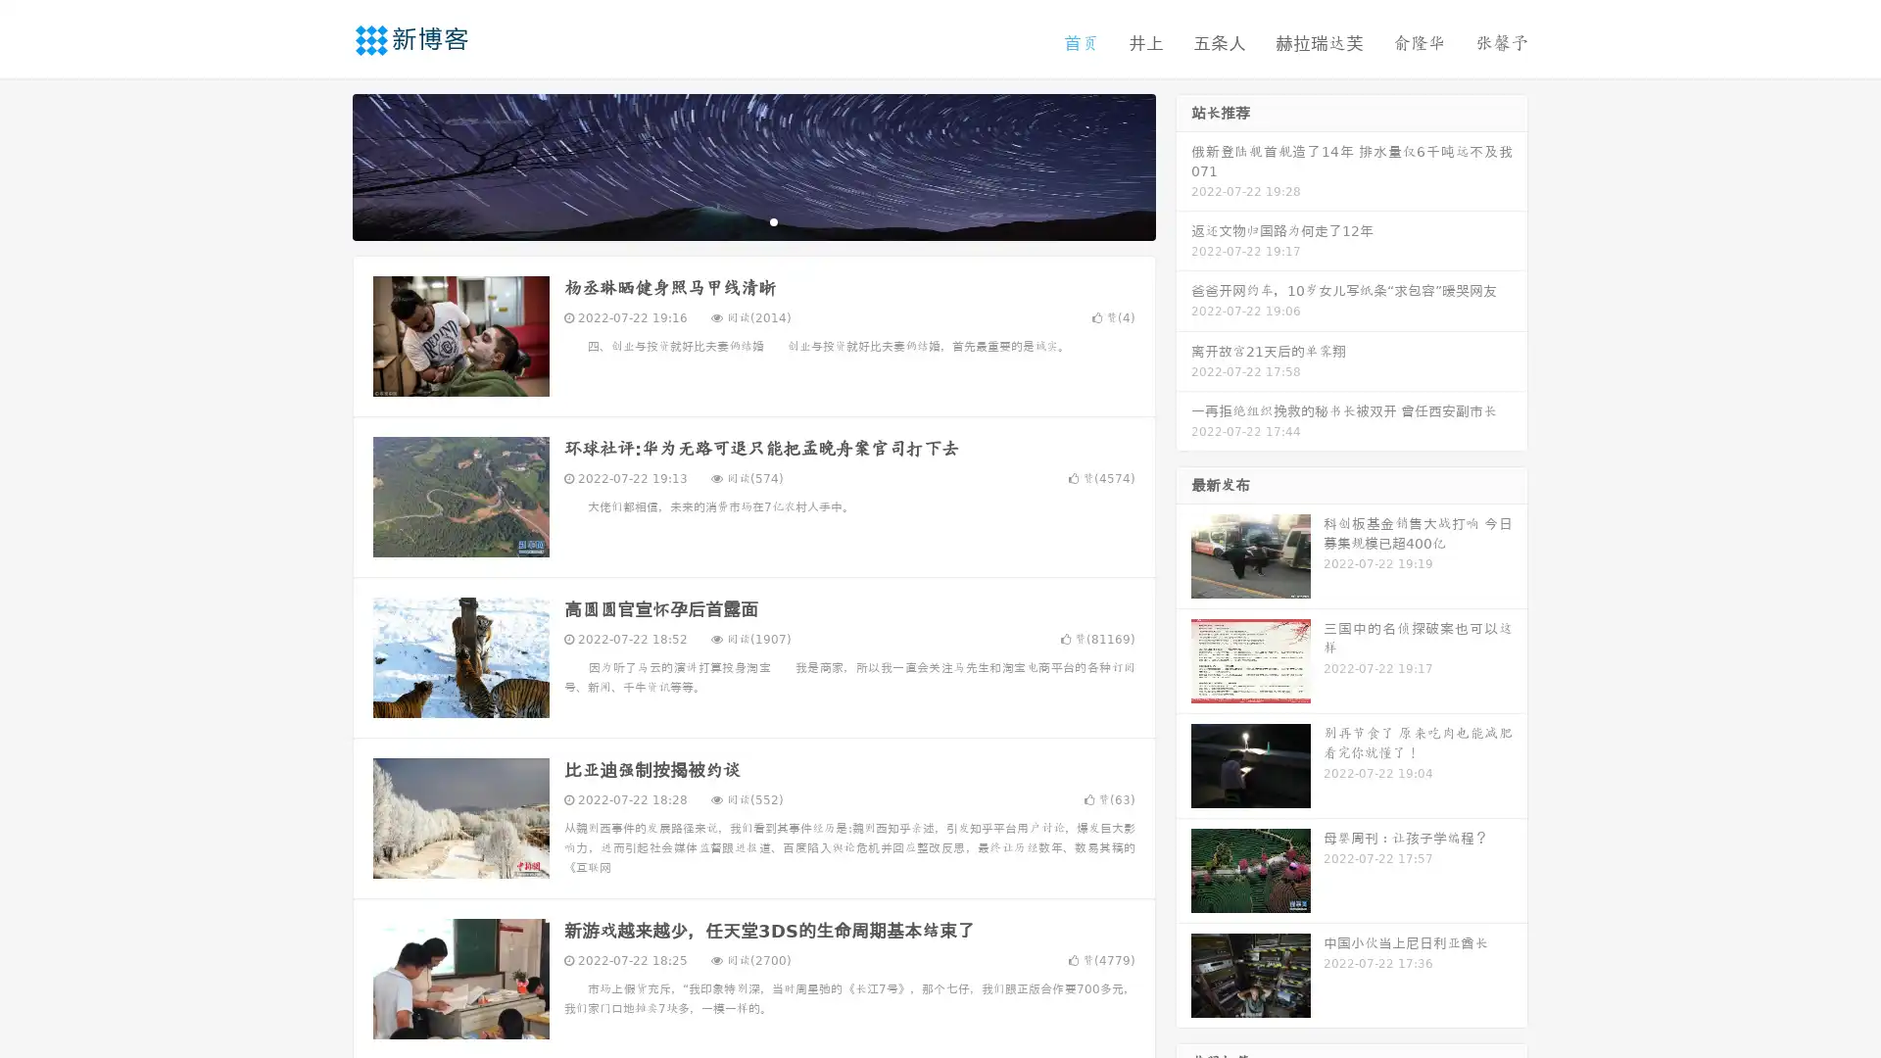 The image size is (1881, 1058). I want to click on Previous slide, so click(323, 165).